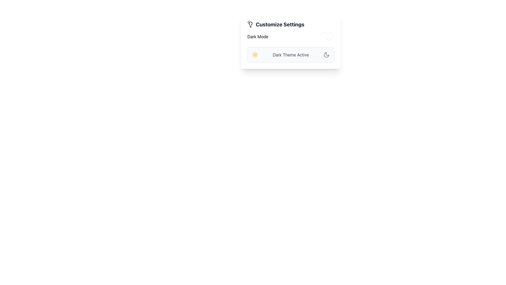 The width and height of the screenshot is (506, 285). Describe the element at coordinates (248, 22) in the screenshot. I see `the top-left icon-based button` at that location.